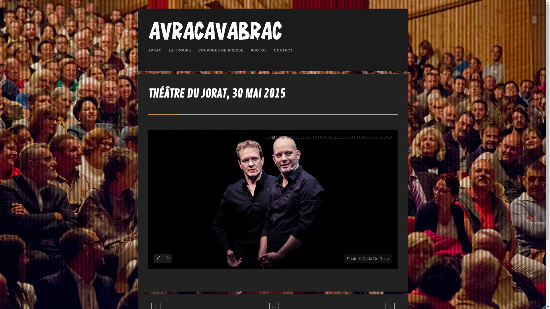 The height and width of the screenshot is (309, 550). What do you see at coordinates (364, 137) in the screenshot?
I see `'21'` at bounding box center [364, 137].